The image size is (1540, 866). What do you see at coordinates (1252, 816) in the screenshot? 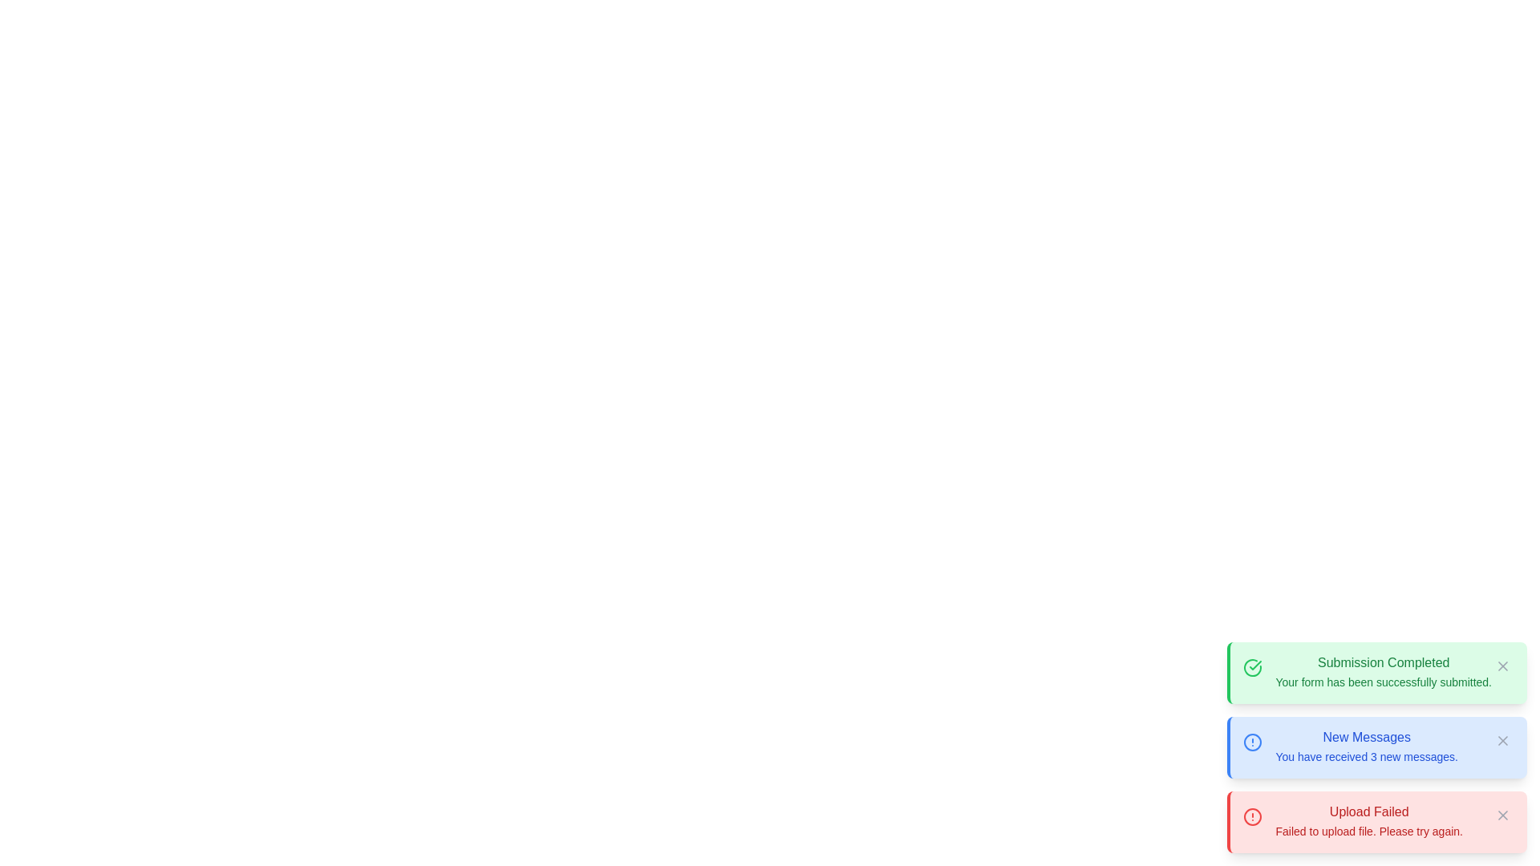
I see `the alert icon located at the top-left corner of the red alert box labeled 'Upload Failed', which signals the user about an issue that needs attention` at bounding box center [1252, 816].